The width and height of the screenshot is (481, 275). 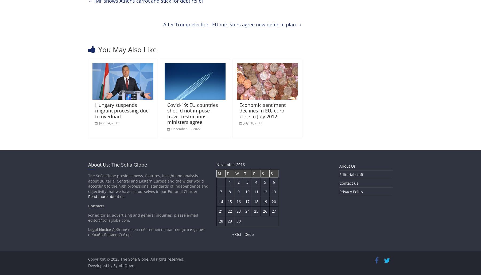 I want to click on 'Действителен собственик на настоящото издание е Клайв Левиев-Сойър.', so click(x=146, y=232).